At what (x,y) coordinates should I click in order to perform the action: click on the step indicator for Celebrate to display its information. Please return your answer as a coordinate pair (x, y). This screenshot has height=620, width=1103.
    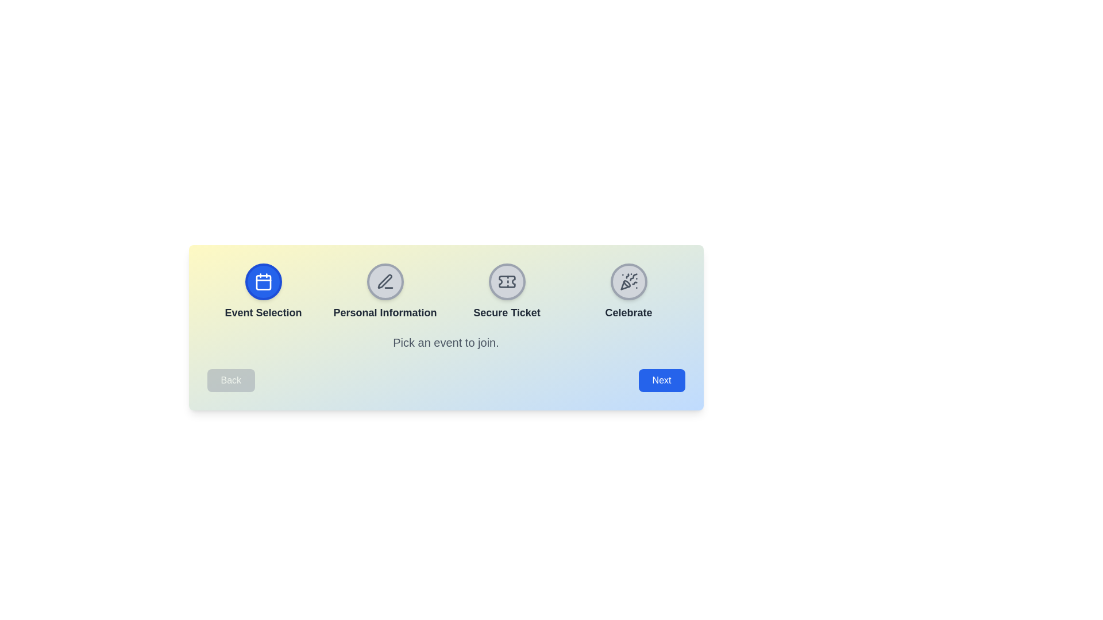
    Looking at the image, I should click on (628, 281).